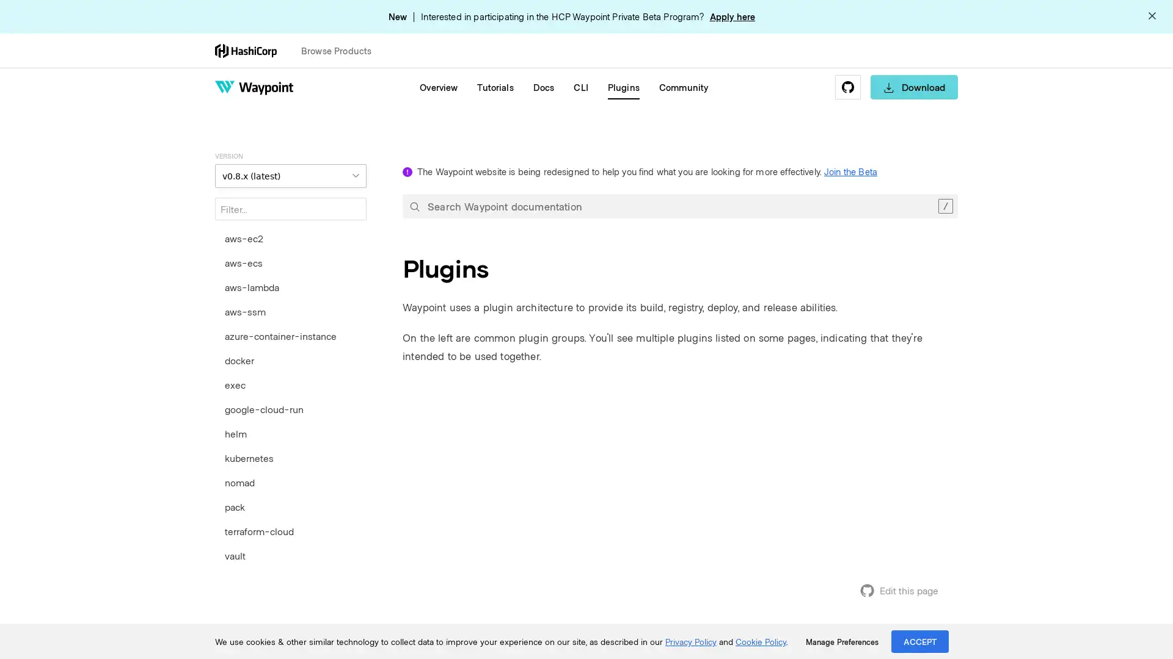  I want to click on Manage Preferences, so click(841, 641).